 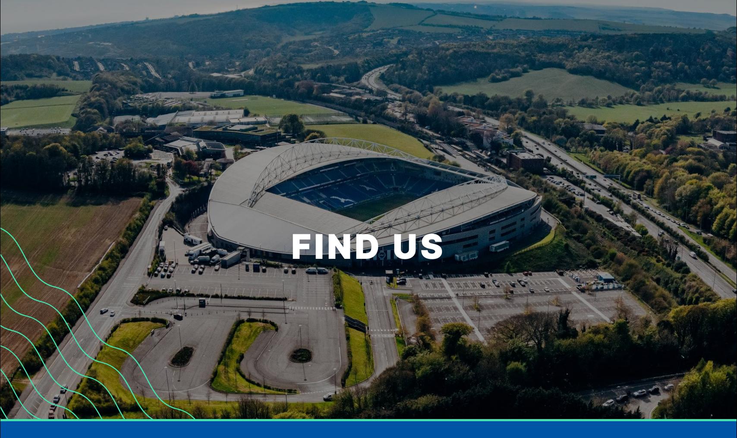 What do you see at coordinates (508, 95) in the screenshot?
I see `'Find Us'` at bounding box center [508, 95].